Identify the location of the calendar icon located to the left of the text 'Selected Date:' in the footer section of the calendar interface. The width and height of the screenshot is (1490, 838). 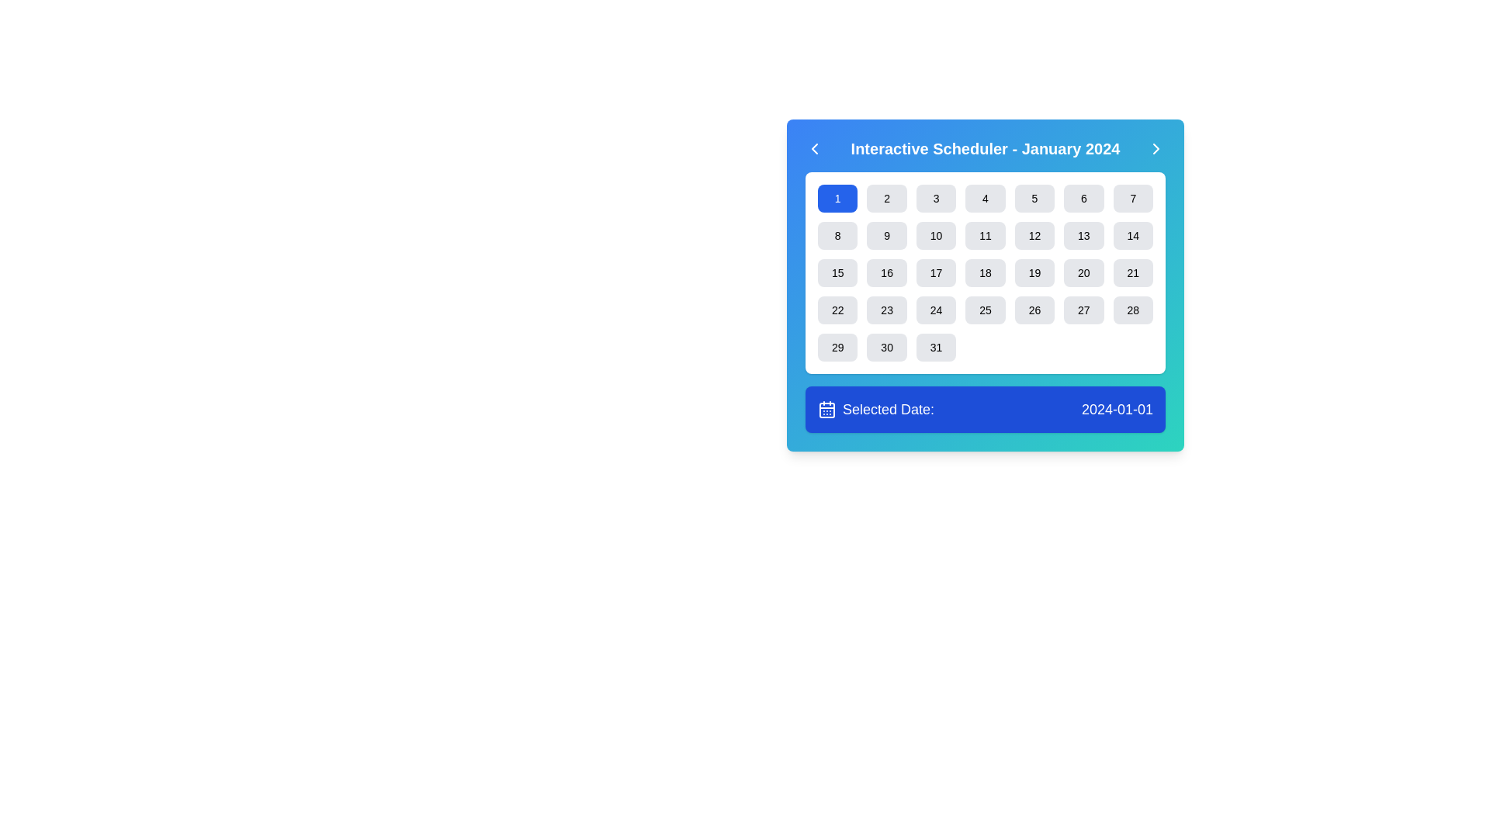
(826, 409).